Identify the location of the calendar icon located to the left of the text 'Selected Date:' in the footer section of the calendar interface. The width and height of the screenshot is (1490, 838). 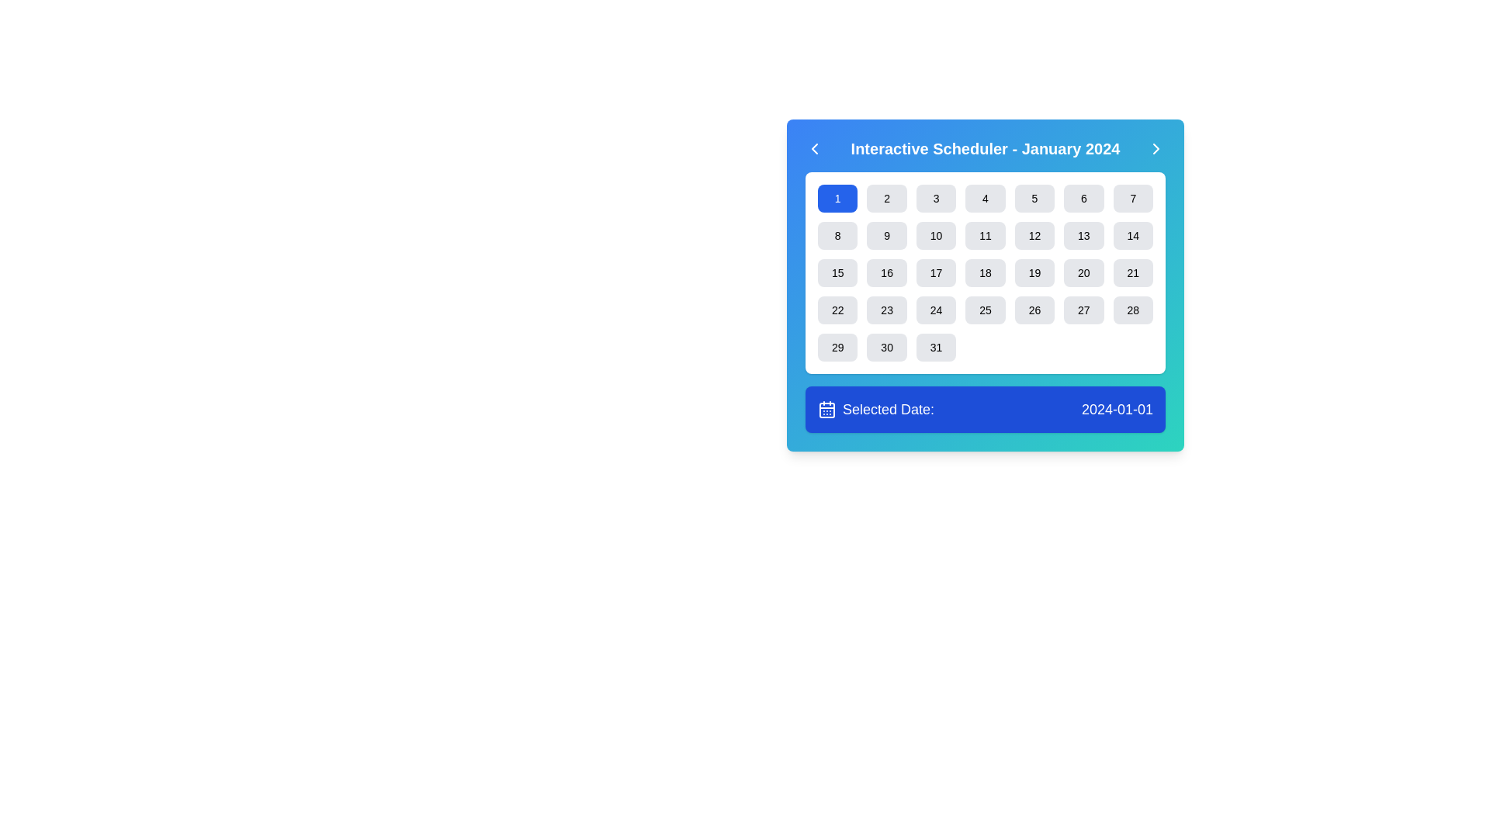
(826, 409).